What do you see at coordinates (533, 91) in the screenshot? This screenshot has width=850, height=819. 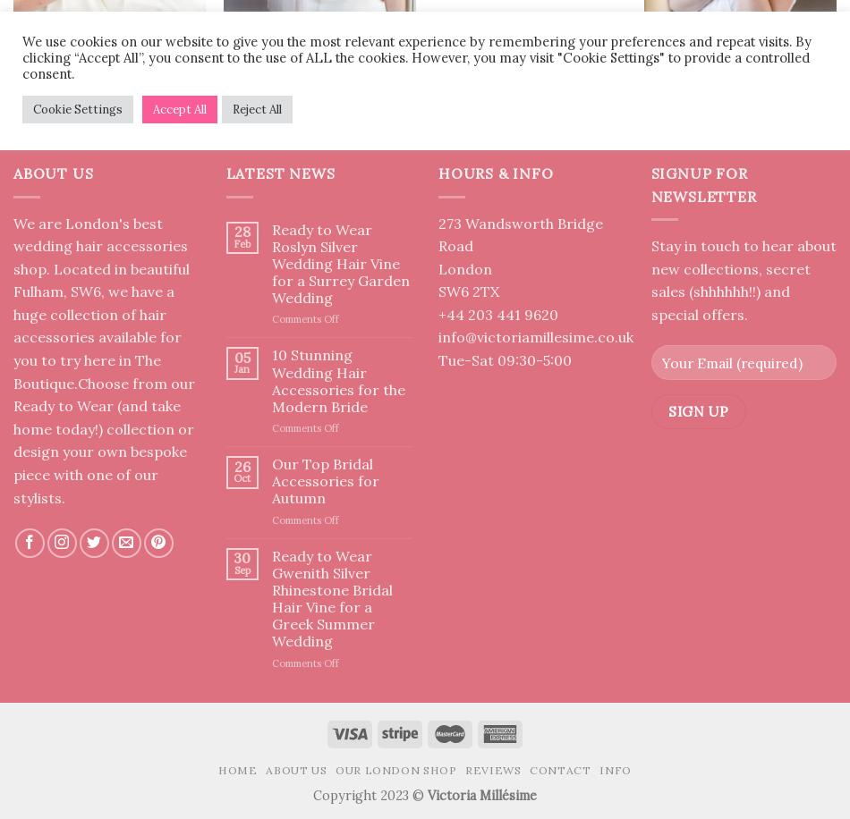 I see `'25.00'` at bounding box center [533, 91].